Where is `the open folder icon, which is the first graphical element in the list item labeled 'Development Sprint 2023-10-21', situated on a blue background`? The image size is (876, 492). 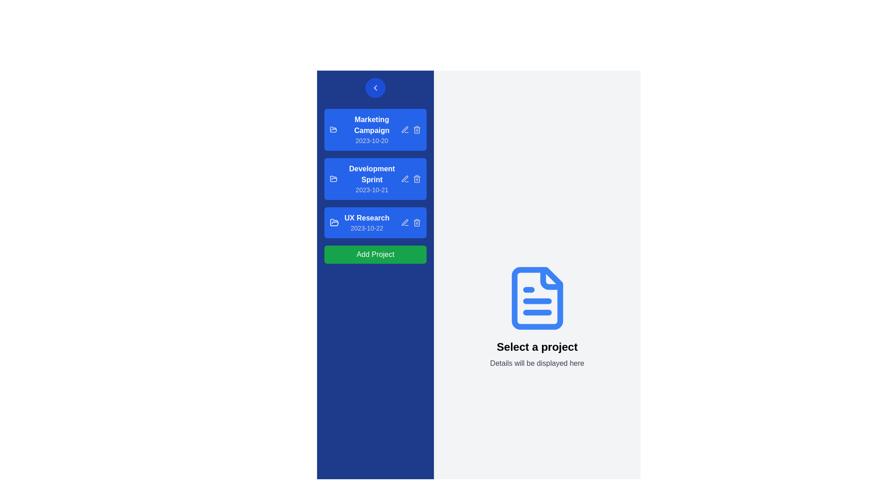
the open folder icon, which is the first graphical element in the list item labeled 'Development Sprint 2023-10-21', situated on a blue background is located at coordinates (333, 179).